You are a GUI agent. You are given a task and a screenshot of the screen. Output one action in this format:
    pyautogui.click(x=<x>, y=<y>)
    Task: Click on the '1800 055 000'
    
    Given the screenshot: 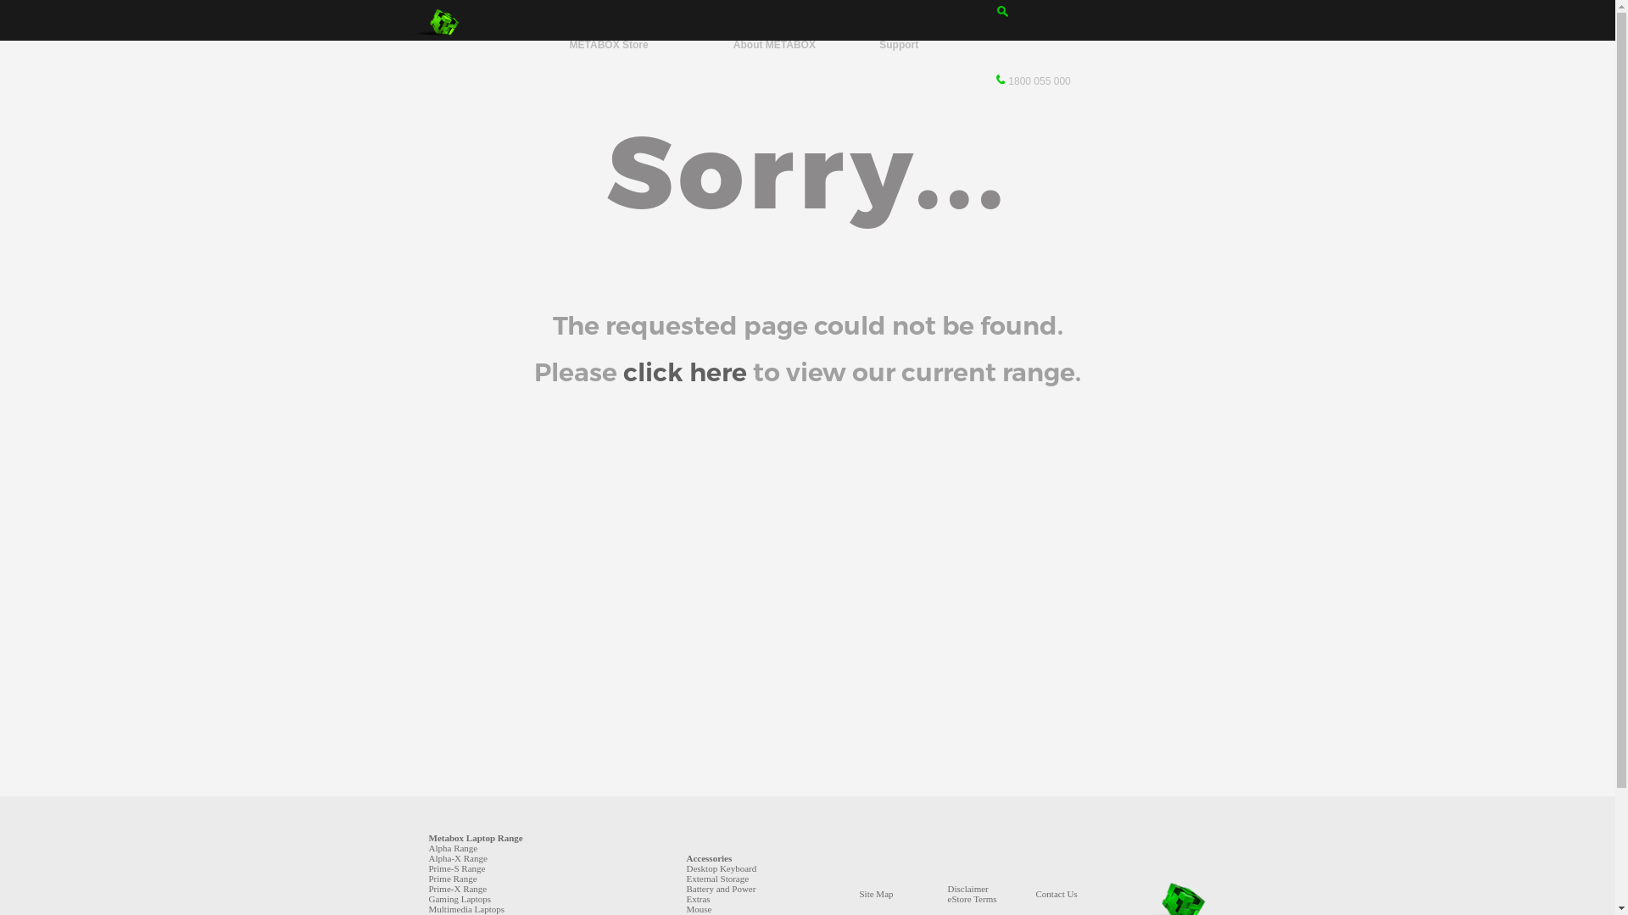 What is the action you would take?
    pyautogui.click(x=1033, y=81)
    